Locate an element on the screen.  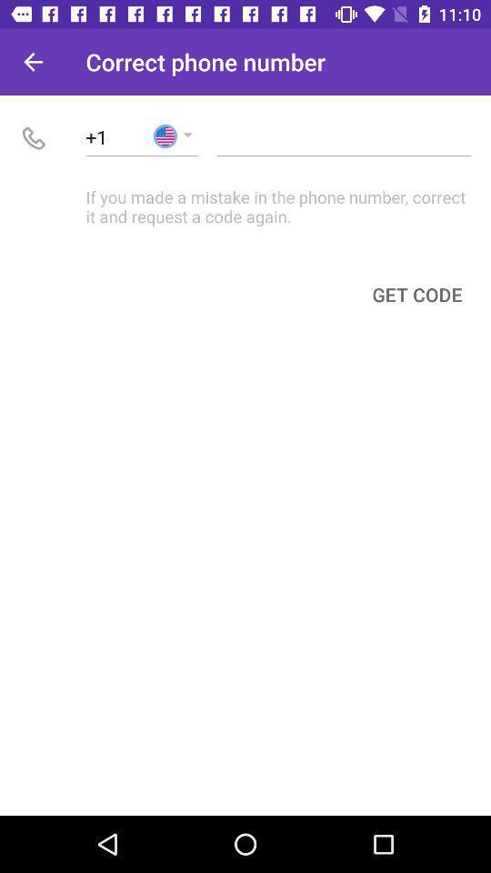
type phone number is located at coordinates (344, 135).